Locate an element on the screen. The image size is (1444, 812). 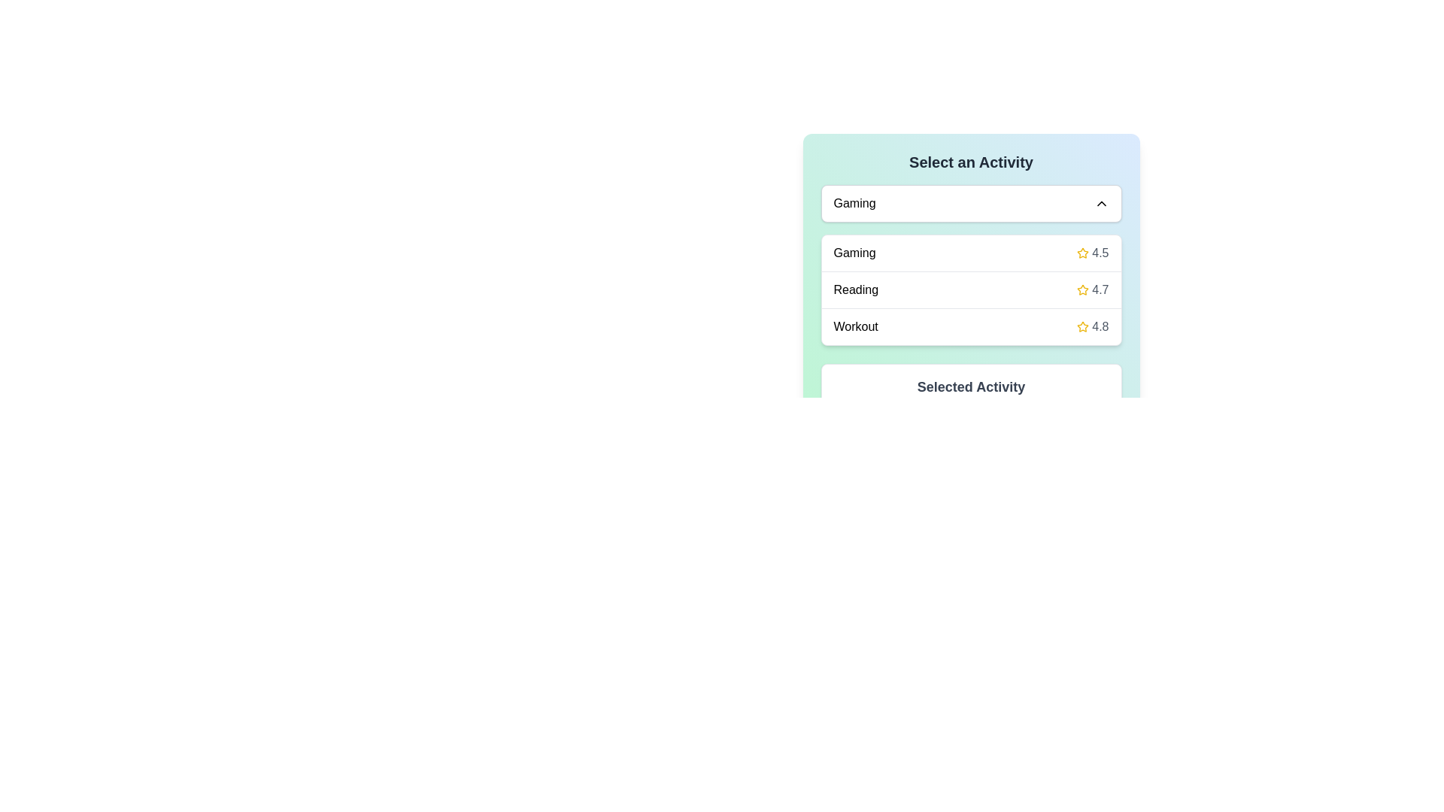
the yellow star-shaped icon that indicates a rating of '4.7' in the 'Select an Activity' section is located at coordinates (1083, 289).